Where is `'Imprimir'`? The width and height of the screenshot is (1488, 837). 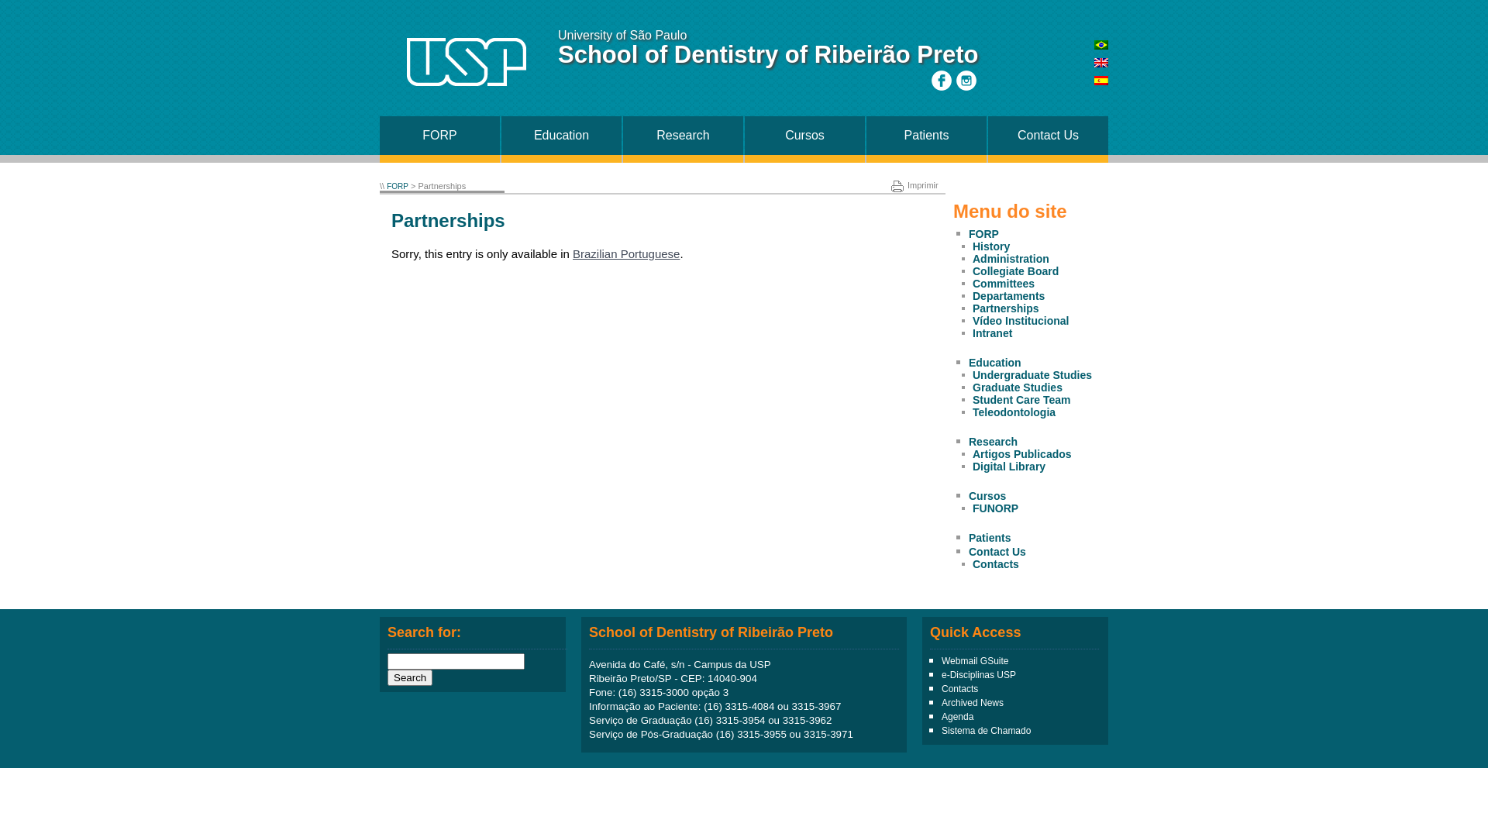
'Imprimir' is located at coordinates (914, 184).